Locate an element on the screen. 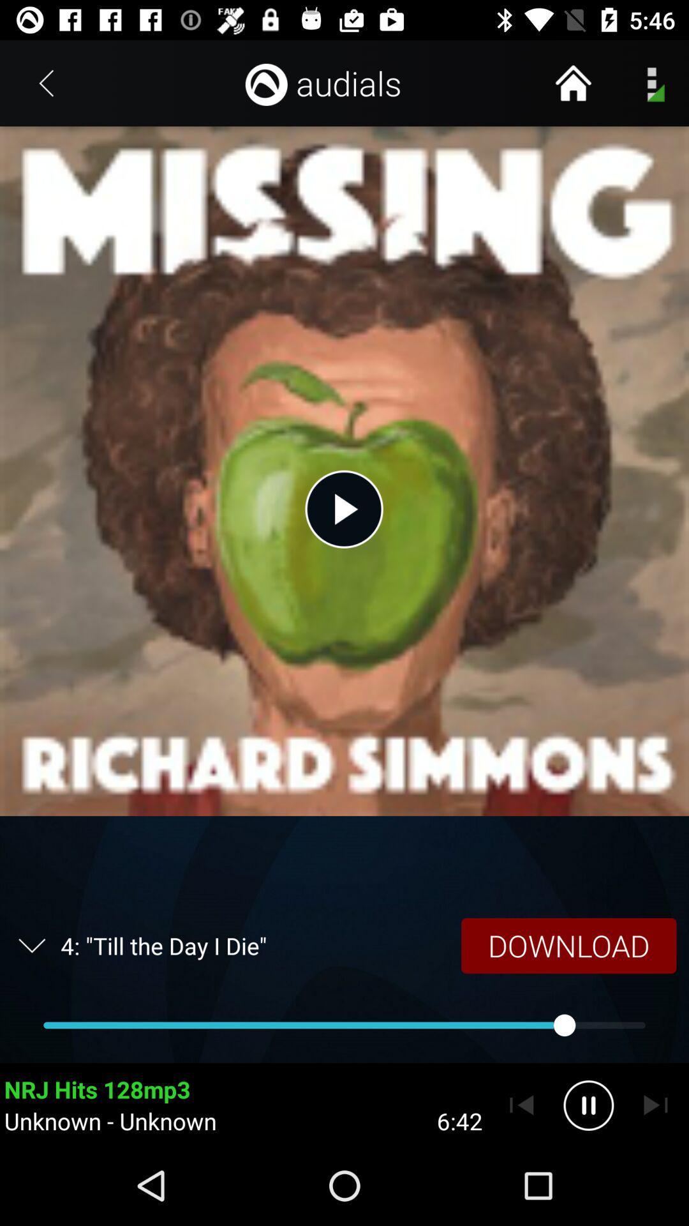  button is located at coordinates (343, 508).